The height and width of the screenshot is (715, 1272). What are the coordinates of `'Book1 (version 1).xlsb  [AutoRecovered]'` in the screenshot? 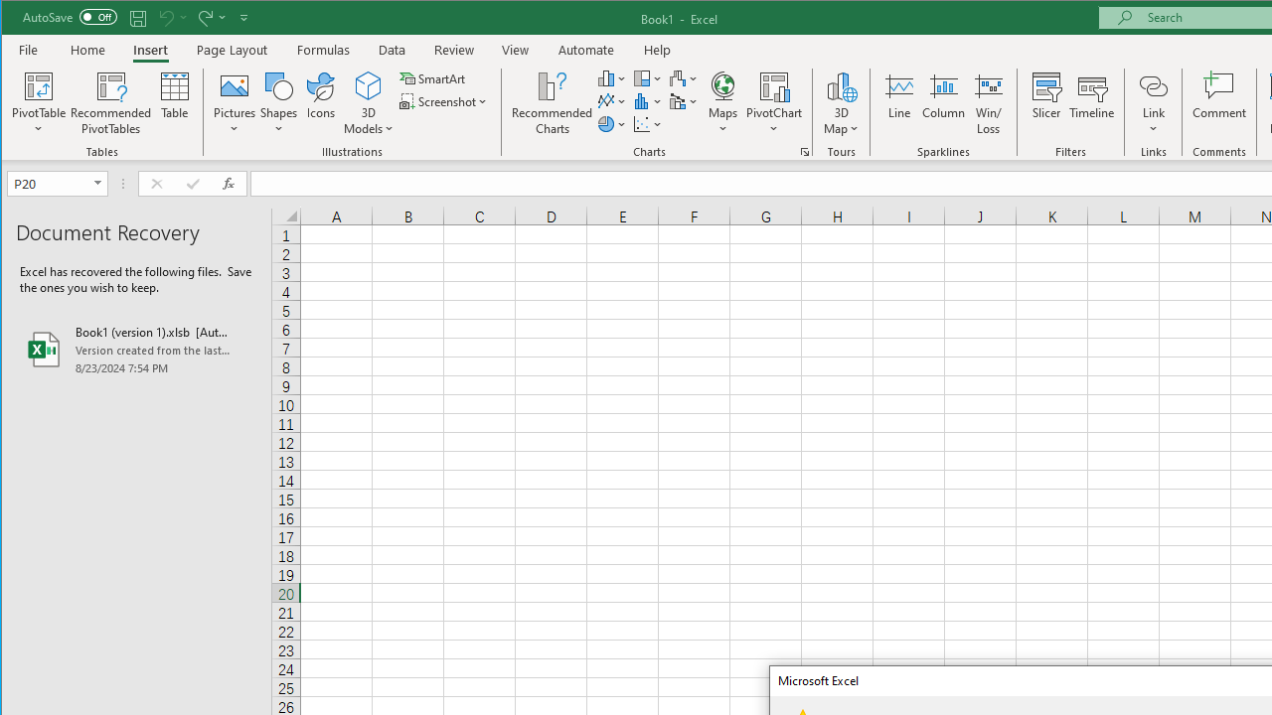 It's located at (135, 349).